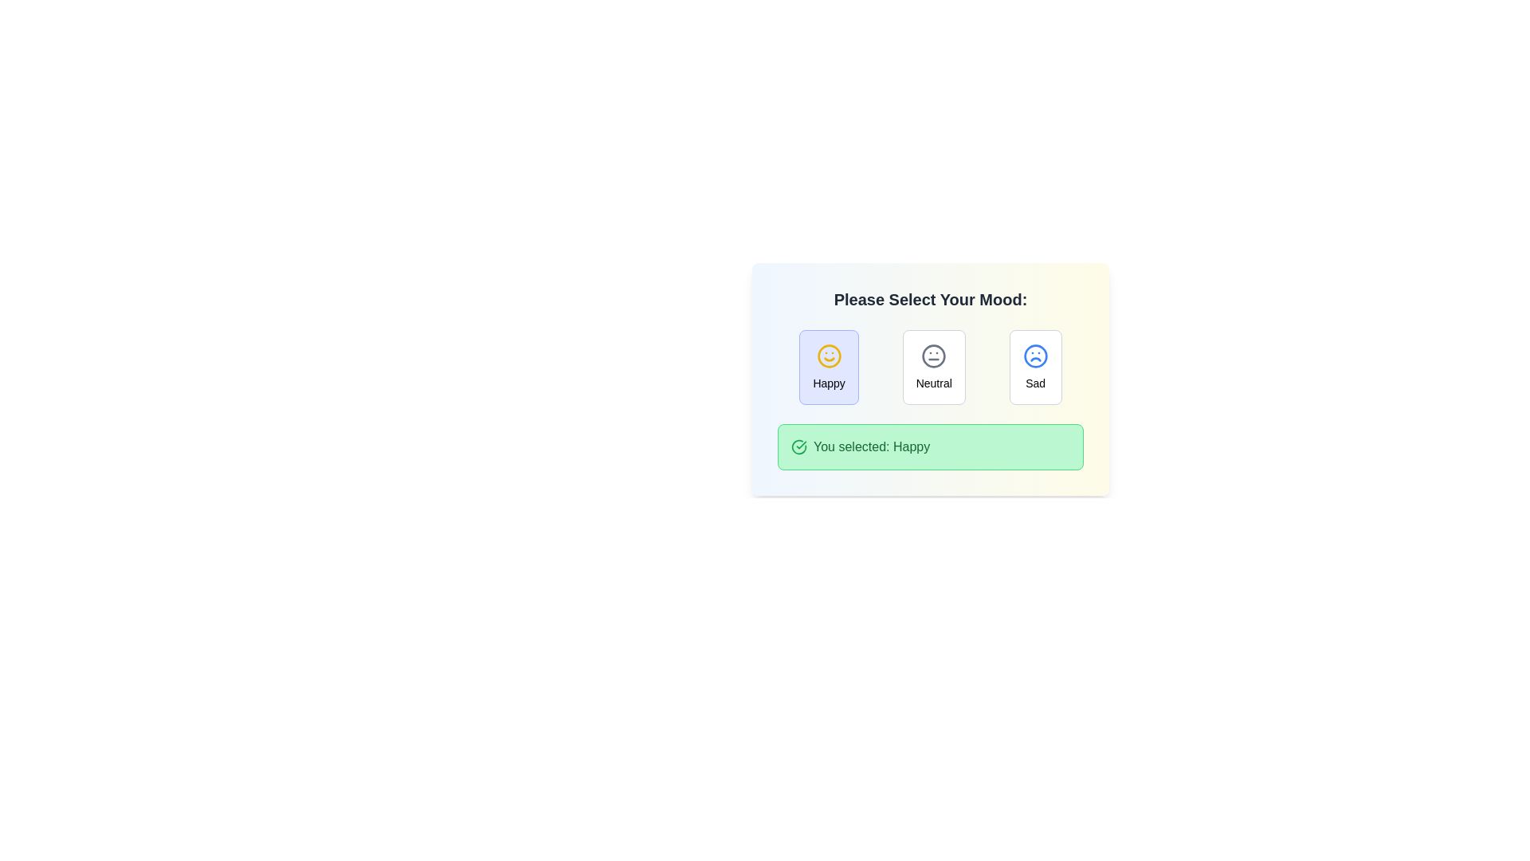 The width and height of the screenshot is (1530, 861). I want to click on the 'Happy' mood button located on the left side of the interface, so click(829, 368).